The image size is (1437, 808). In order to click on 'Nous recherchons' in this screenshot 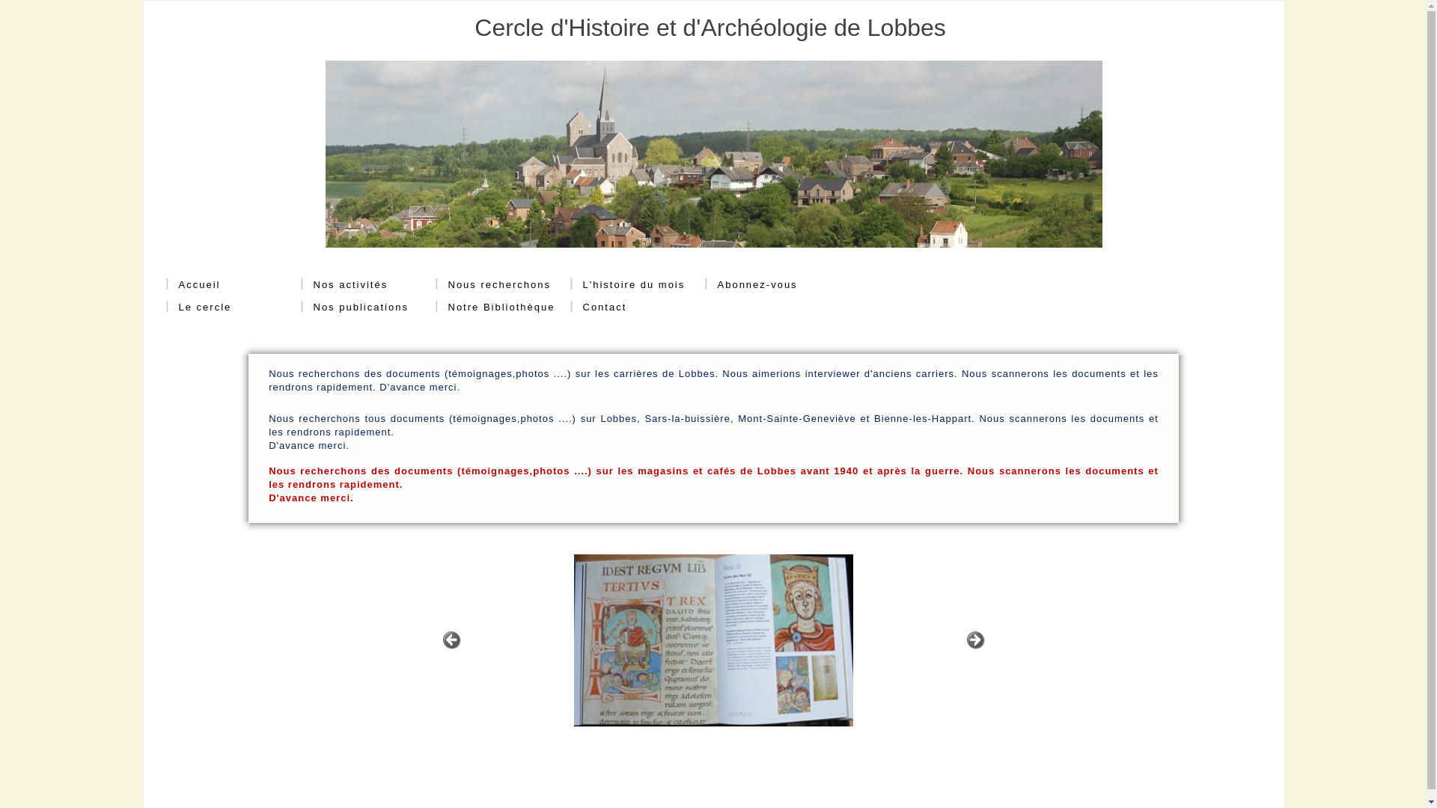, I will do `click(447, 285)`.